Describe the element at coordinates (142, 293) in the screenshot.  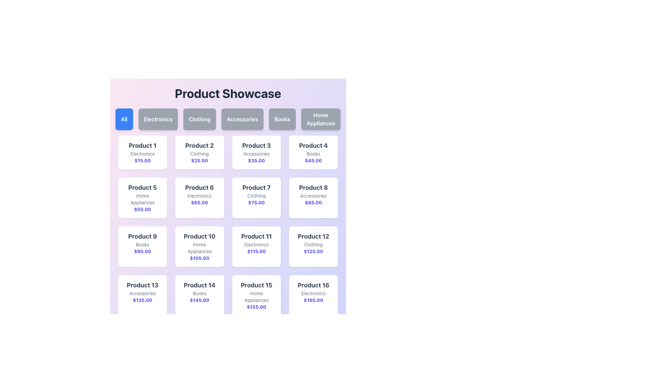
I see `the static text label that describes the product category for 'Product 13', which is located below the product name and above the price section` at that location.